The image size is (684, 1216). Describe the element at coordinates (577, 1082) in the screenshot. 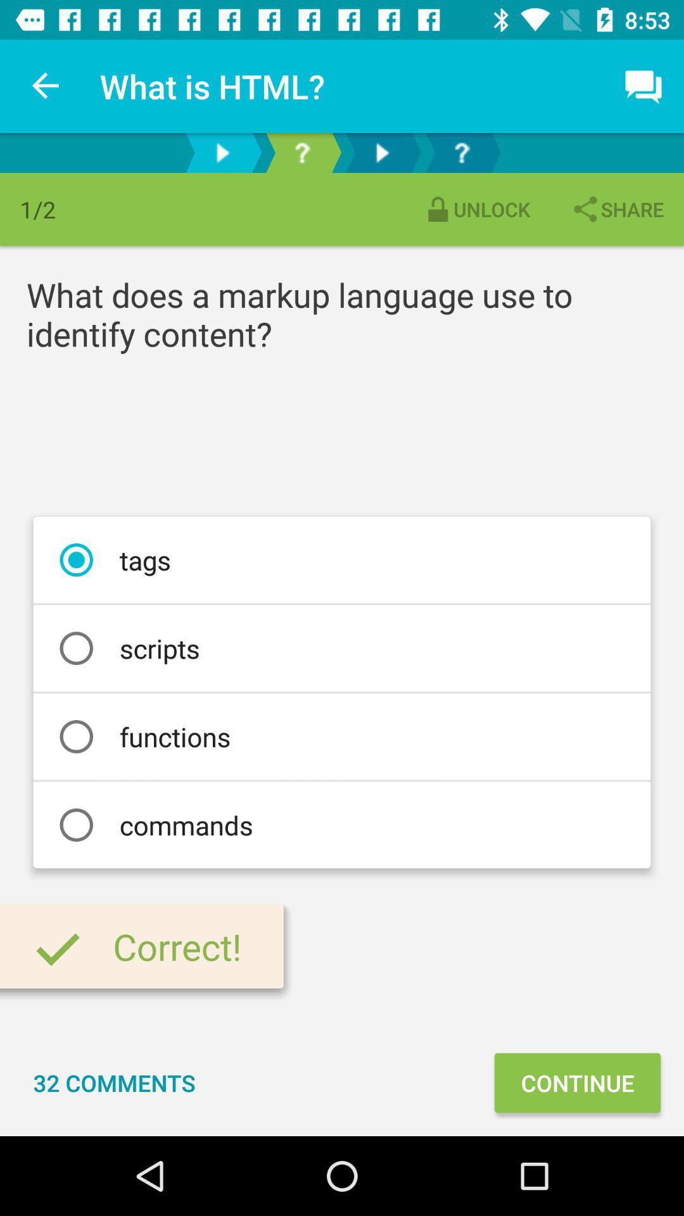

I see `the item to the right of the 32 comments` at that location.